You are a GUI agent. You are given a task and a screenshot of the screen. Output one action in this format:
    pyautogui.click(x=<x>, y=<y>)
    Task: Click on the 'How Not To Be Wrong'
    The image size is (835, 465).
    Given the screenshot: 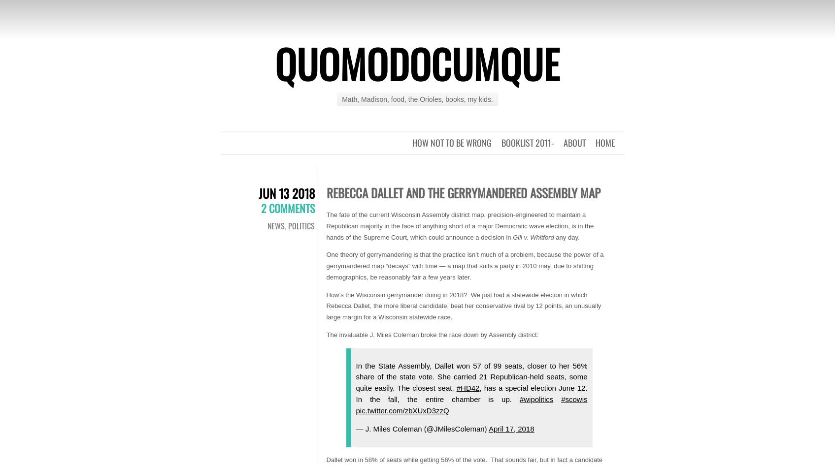 What is the action you would take?
    pyautogui.click(x=451, y=143)
    